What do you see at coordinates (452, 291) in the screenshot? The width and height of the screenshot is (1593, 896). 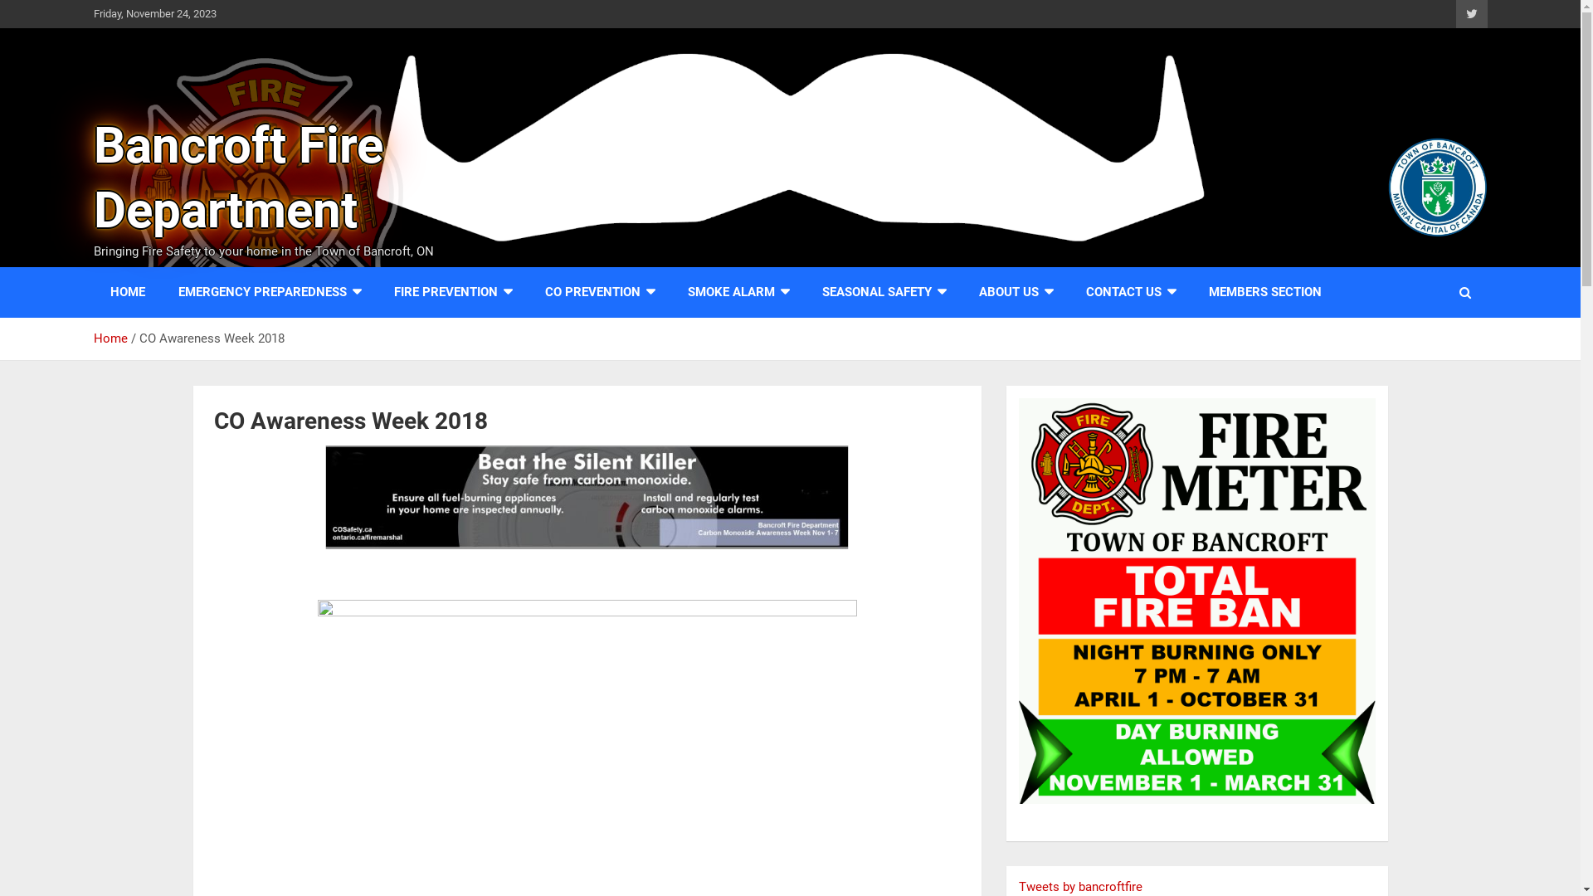 I see `'FIRE PREVENTION'` at bounding box center [452, 291].